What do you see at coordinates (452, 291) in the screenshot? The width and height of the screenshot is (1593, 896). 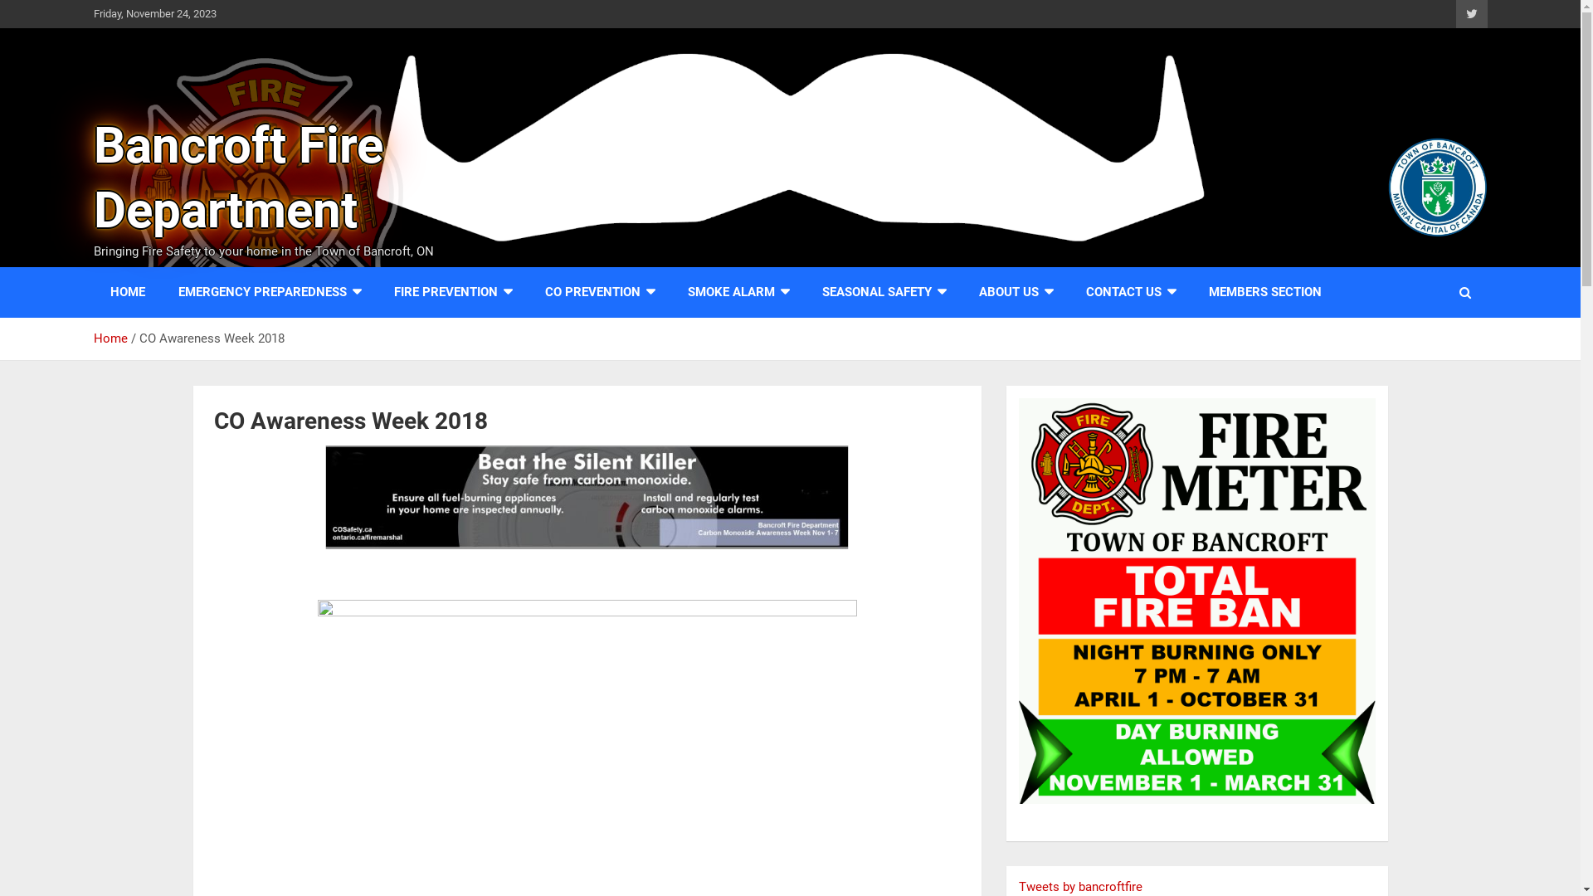 I see `'FIRE PREVENTION'` at bounding box center [452, 291].